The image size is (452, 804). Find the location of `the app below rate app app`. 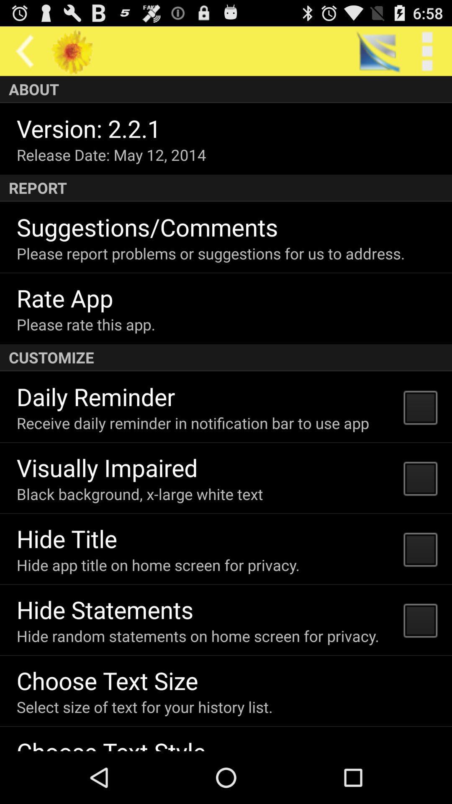

the app below rate app app is located at coordinates (86, 324).